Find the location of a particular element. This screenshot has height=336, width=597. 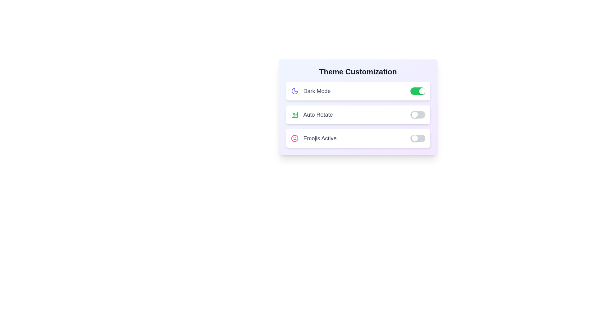

the 'Auto Rotate' toggle switch in the 'Theme Customization' section is located at coordinates (358, 115).